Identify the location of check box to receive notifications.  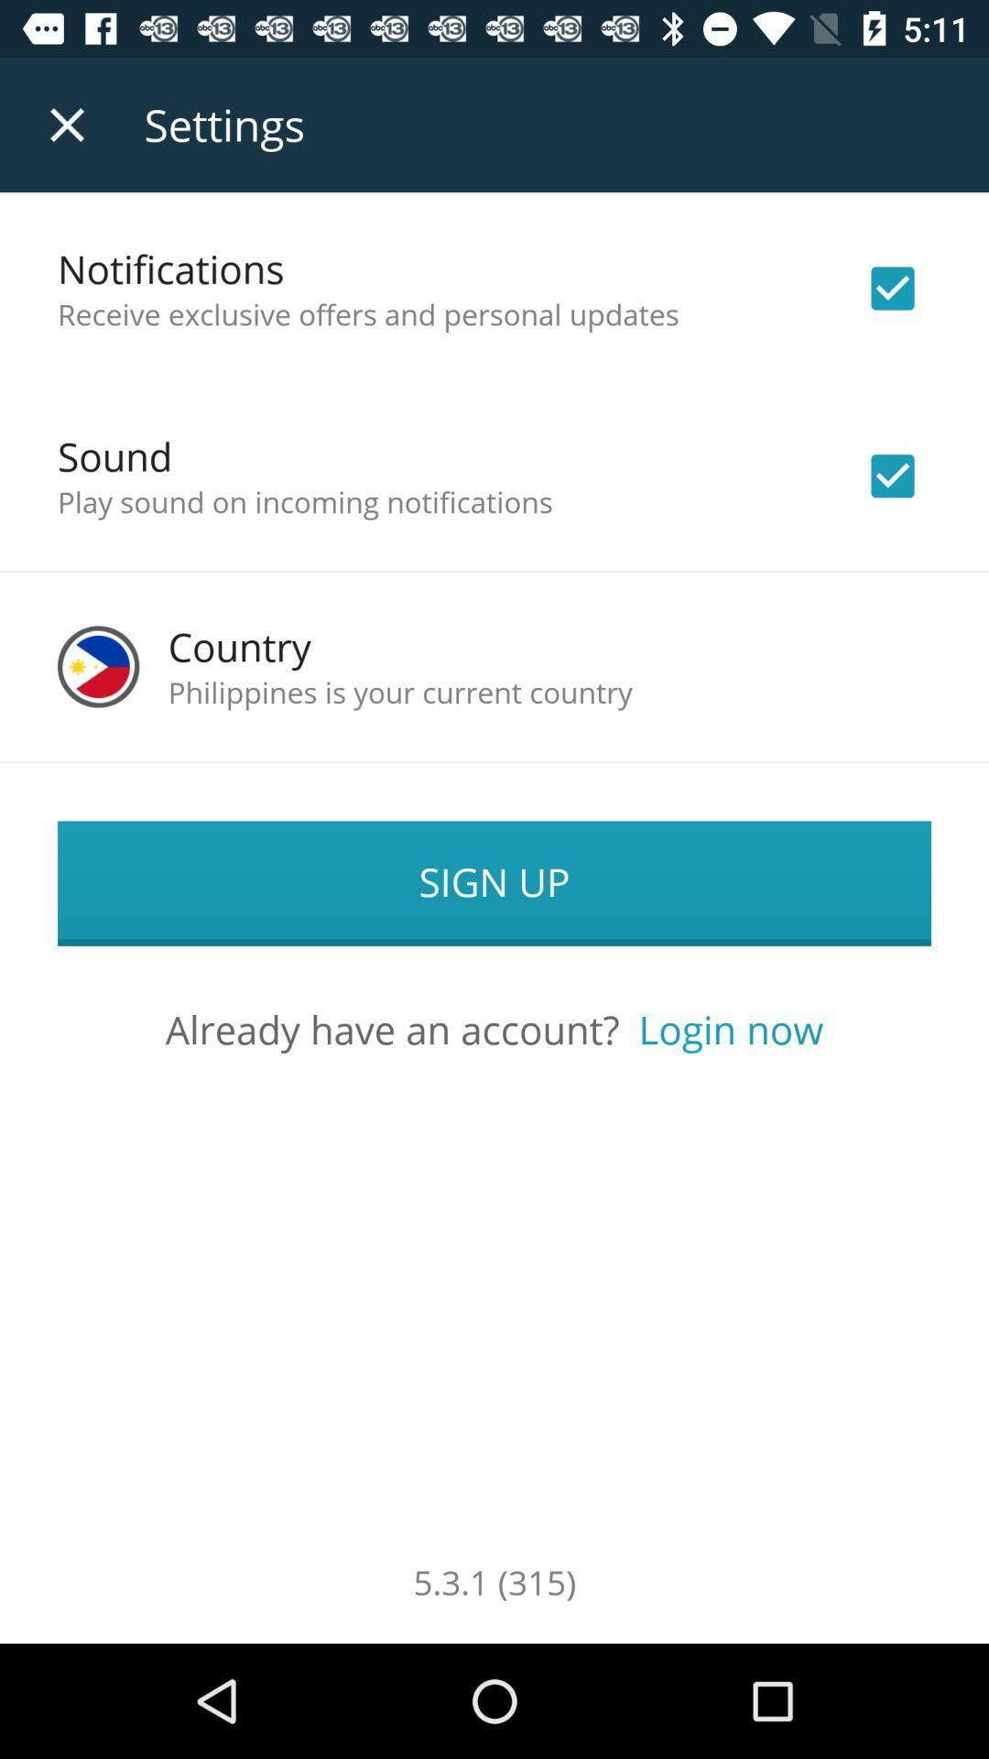
(892, 288).